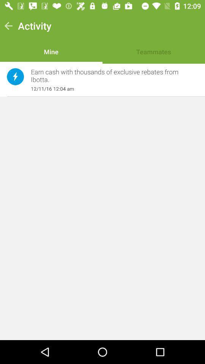  Describe the element at coordinates (34, 26) in the screenshot. I see `the activity` at that location.